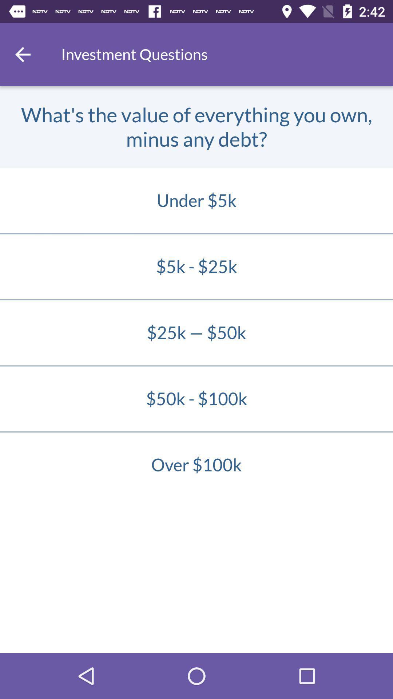 This screenshot has height=699, width=393. What do you see at coordinates (22, 54) in the screenshot?
I see `the arrow_backward icon` at bounding box center [22, 54].